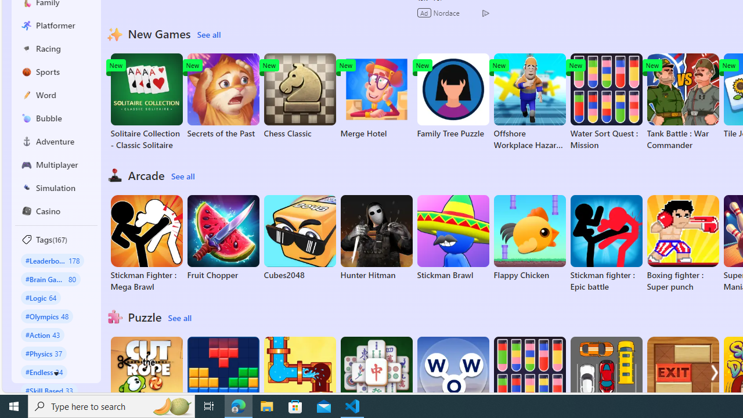 Image resolution: width=743 pixels, height=418 pixels. I want to click on 'Secrets of the Past', so click(223, 95).